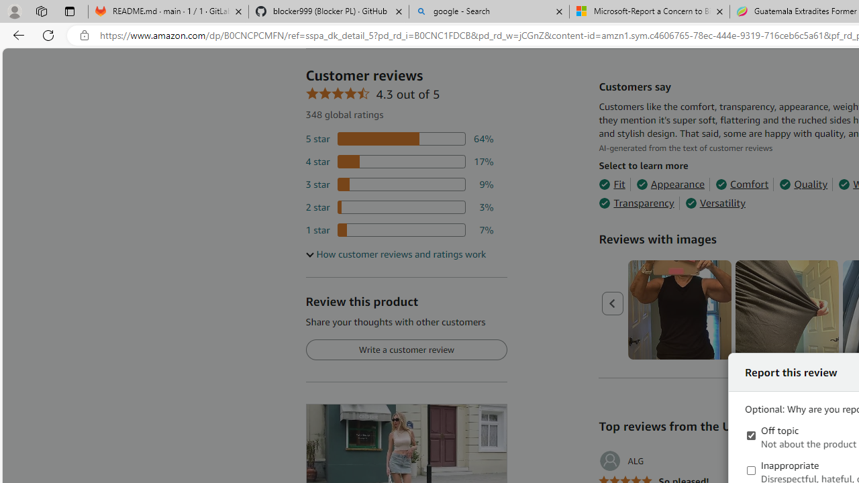 The width and height of the screenshot is (859, 483). I want to click on 'Previous page', so click(612, 303).